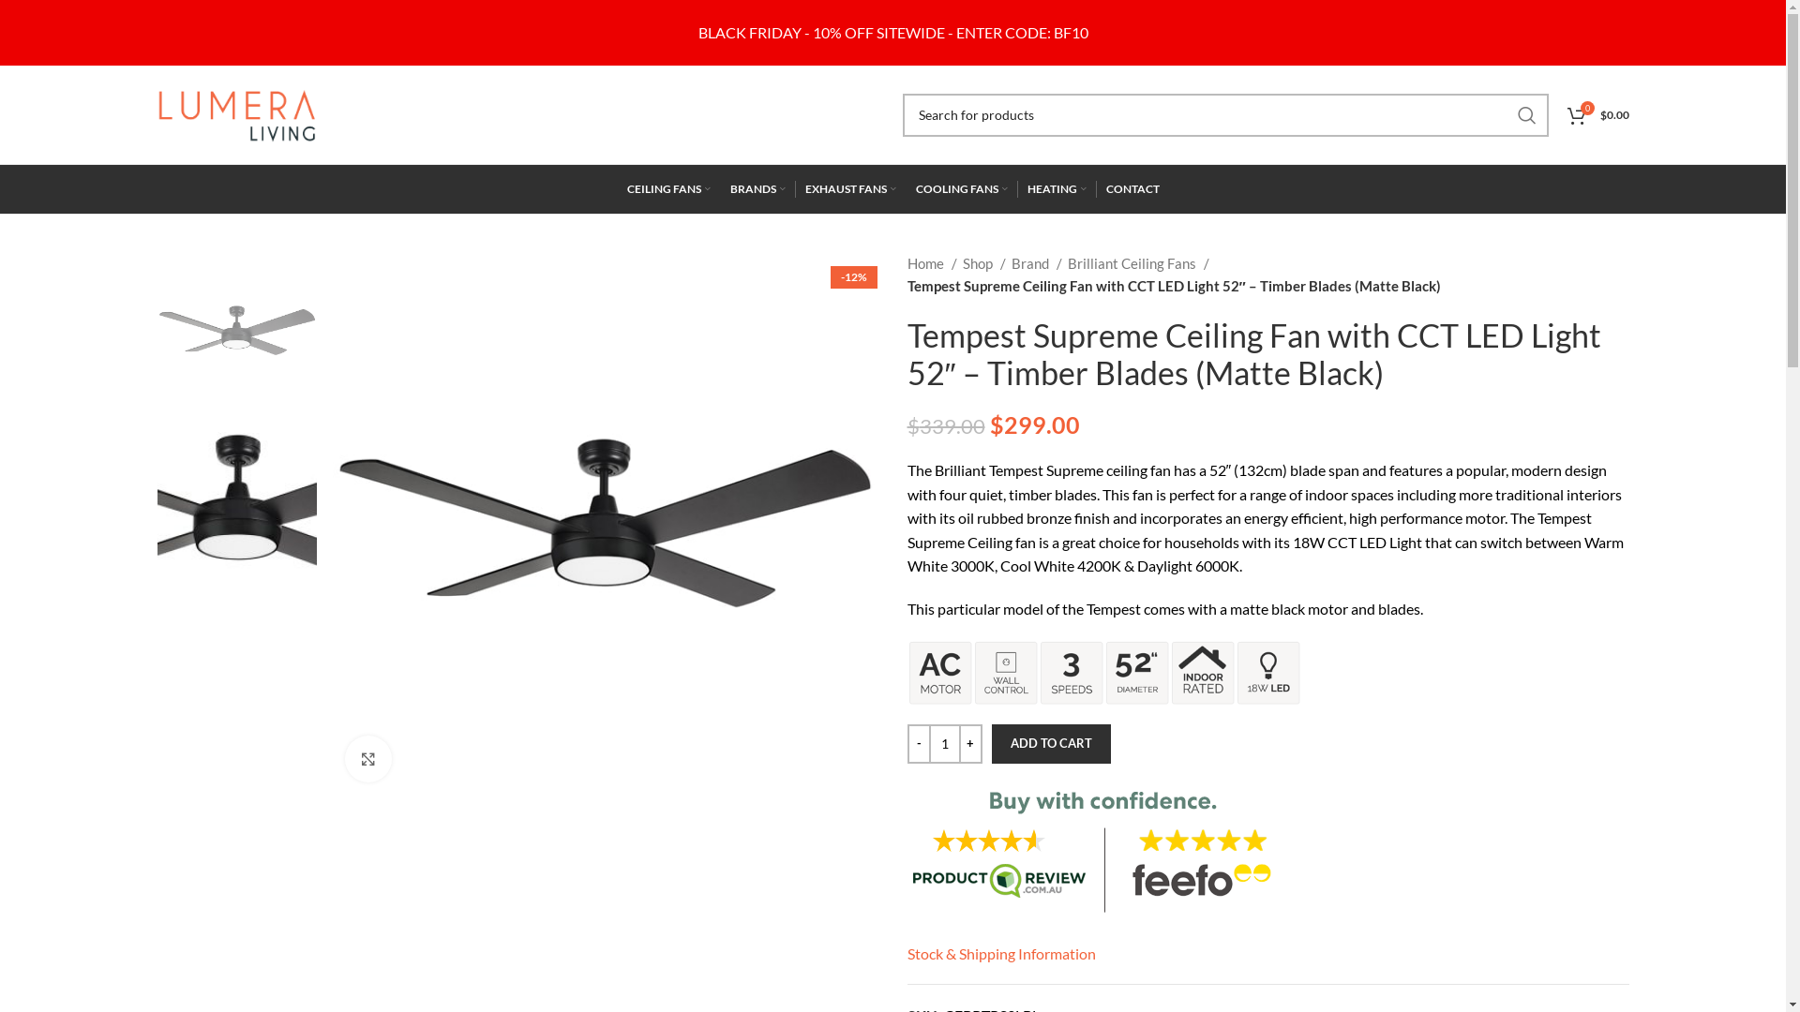  What do you see at coordinates (667, 188) in the screenshot?
I see `'CEILING FANS'` at bounding box center [667, 188].